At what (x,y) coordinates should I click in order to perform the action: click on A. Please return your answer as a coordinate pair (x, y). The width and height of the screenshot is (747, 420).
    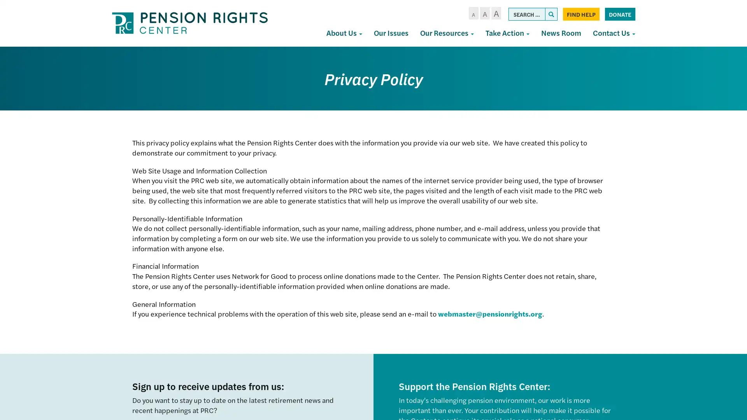
    Looking at the image, I should click on (473, 13).